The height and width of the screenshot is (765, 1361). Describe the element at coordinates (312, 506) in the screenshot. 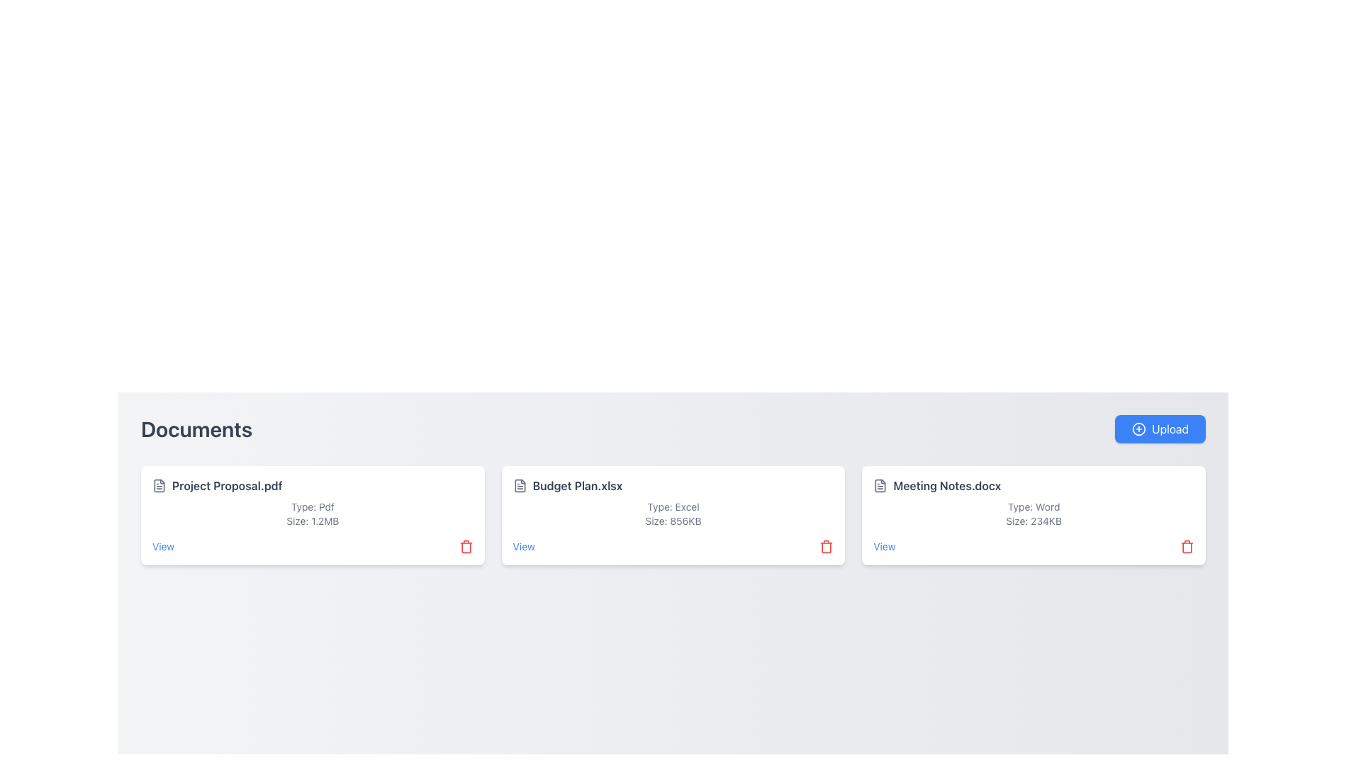

I see `the text label indicating the file format or type for the document 'Project Proposal.pdf', which is located below the document's title line and above the size information line` at that location.